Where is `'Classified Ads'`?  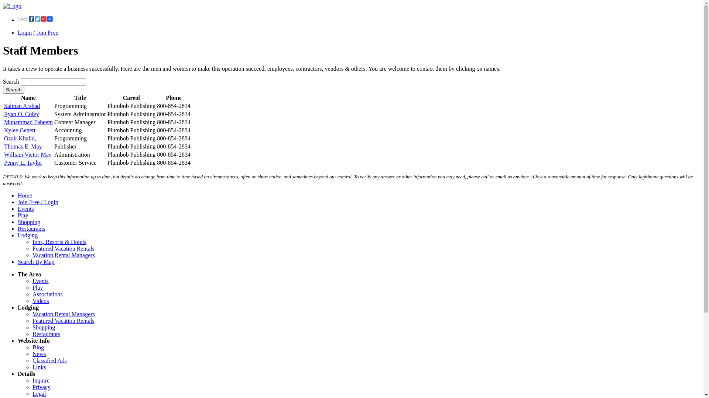
'Classified Ads' is located at coordinates (32, 360).